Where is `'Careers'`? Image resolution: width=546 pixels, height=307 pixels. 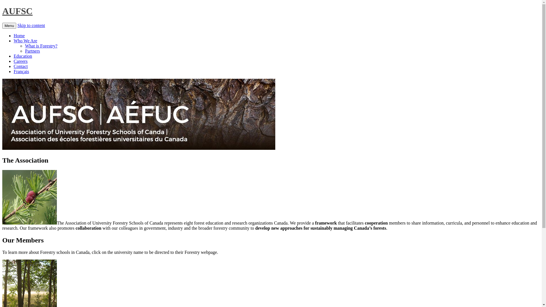 'Careers' is located at coordinates (20, 61).